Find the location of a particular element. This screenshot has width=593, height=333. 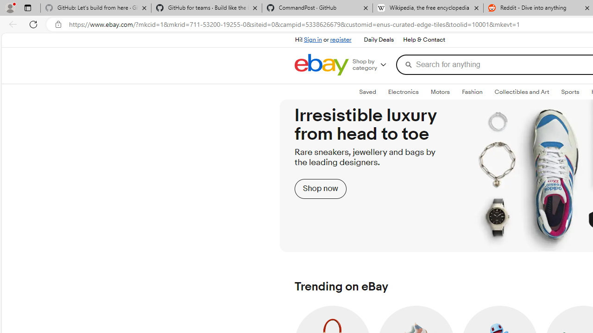

'Fashion' is located at coordinates (472, 92).